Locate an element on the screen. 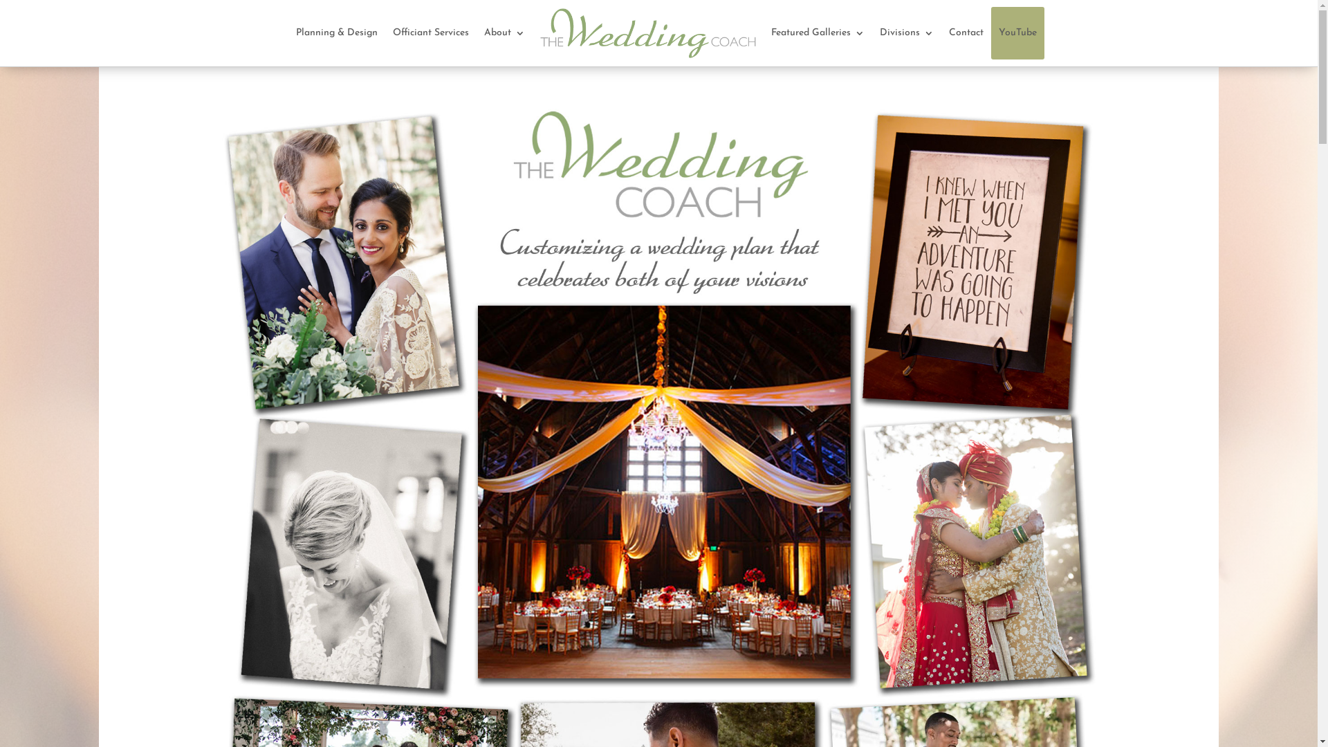 This screenshot has width=1328, height=747. 'Officiant Services' is located at coordinates (391, 32).